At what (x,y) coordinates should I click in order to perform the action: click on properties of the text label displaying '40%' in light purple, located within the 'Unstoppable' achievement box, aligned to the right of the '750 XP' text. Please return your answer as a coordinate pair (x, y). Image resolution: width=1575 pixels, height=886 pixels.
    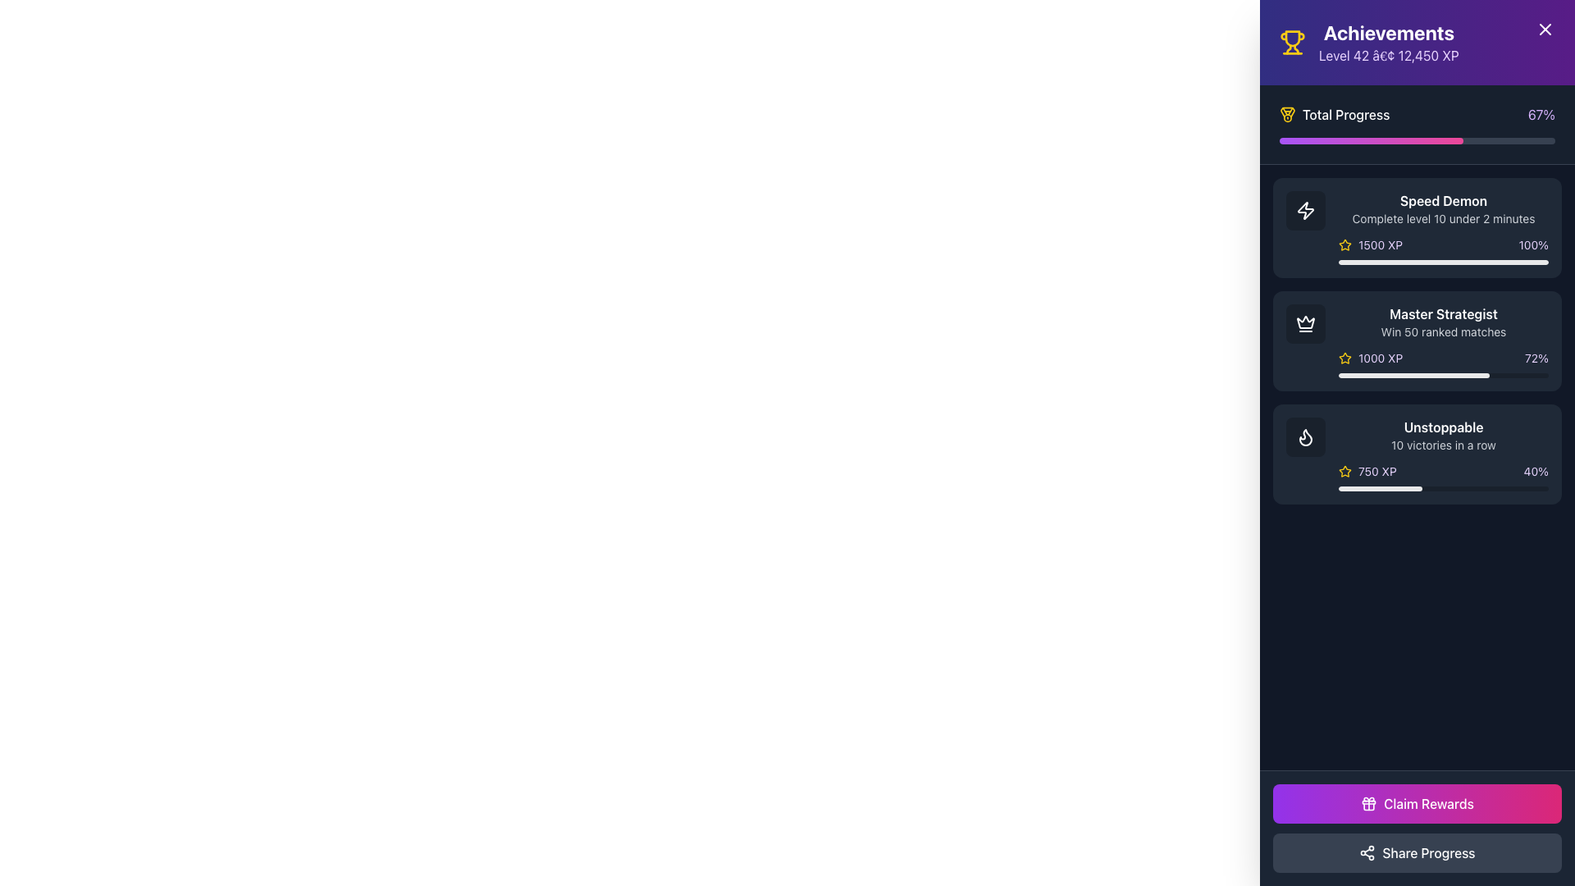
    Looking at the image, I should click on (1535, 471).